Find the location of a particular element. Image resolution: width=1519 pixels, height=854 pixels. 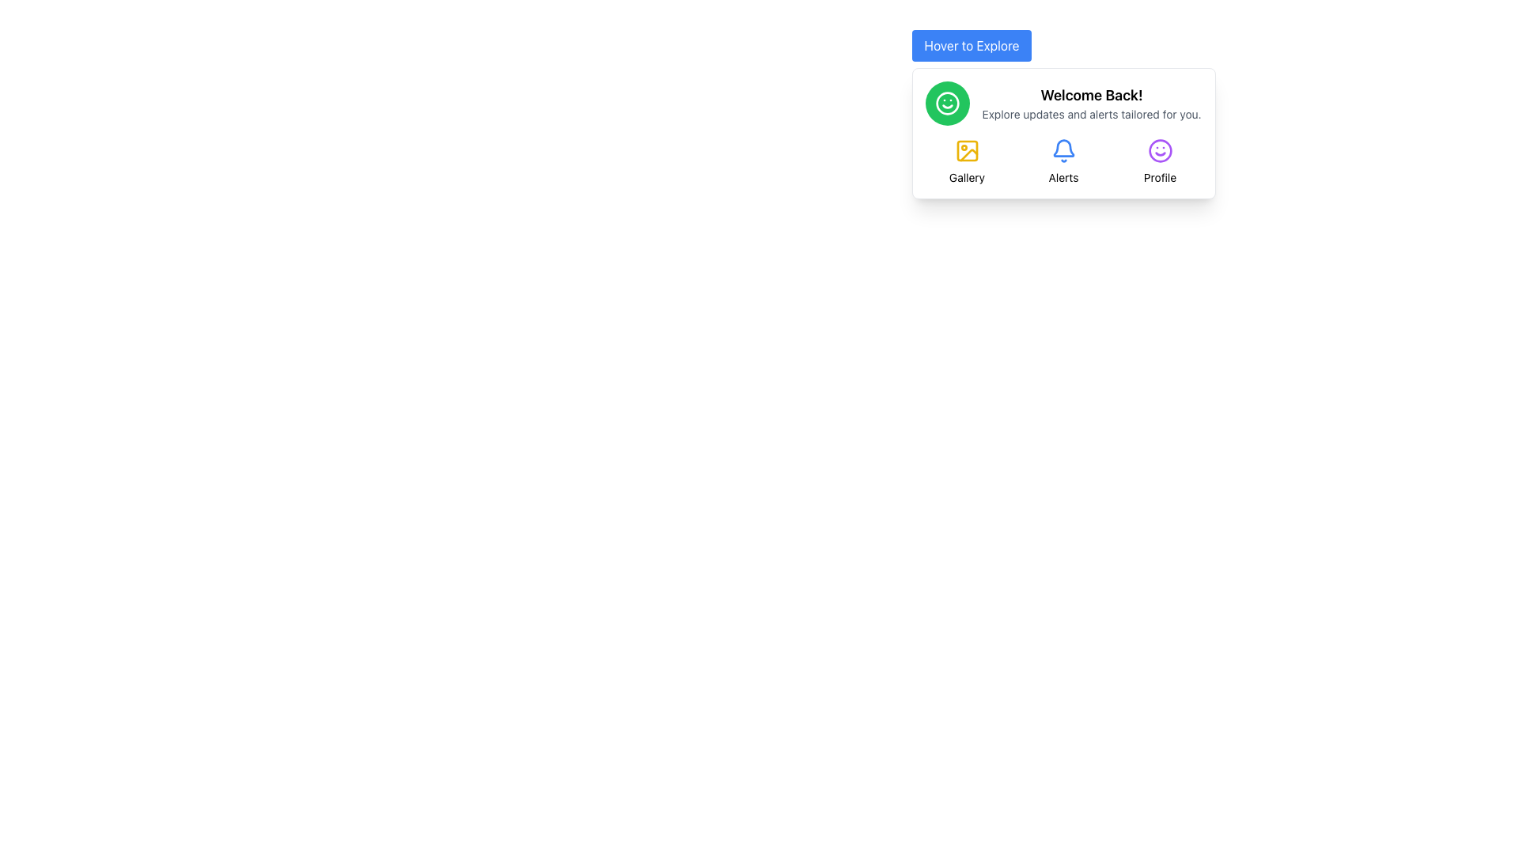

the notification panel located directly beneath the 'Hover is located at coordinates (1063, 133).